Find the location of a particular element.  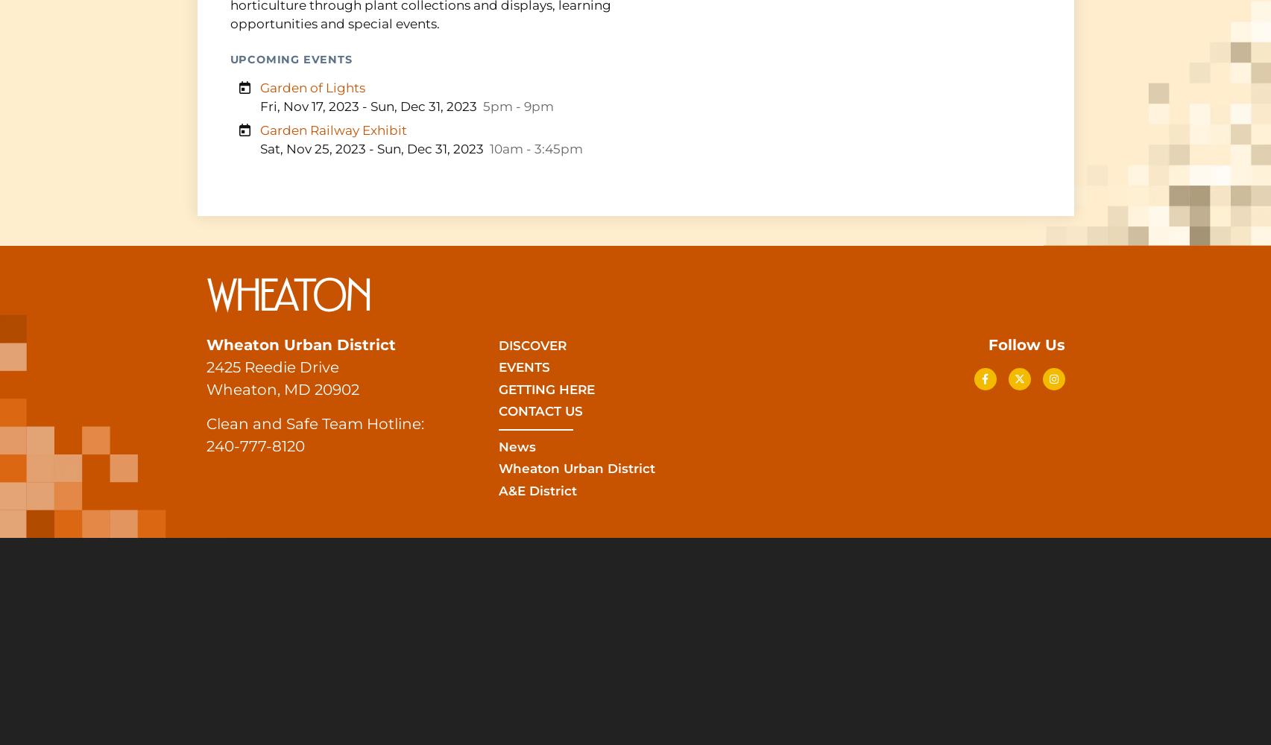

'5pm - 9pm' is located at coordinates (517, 107).